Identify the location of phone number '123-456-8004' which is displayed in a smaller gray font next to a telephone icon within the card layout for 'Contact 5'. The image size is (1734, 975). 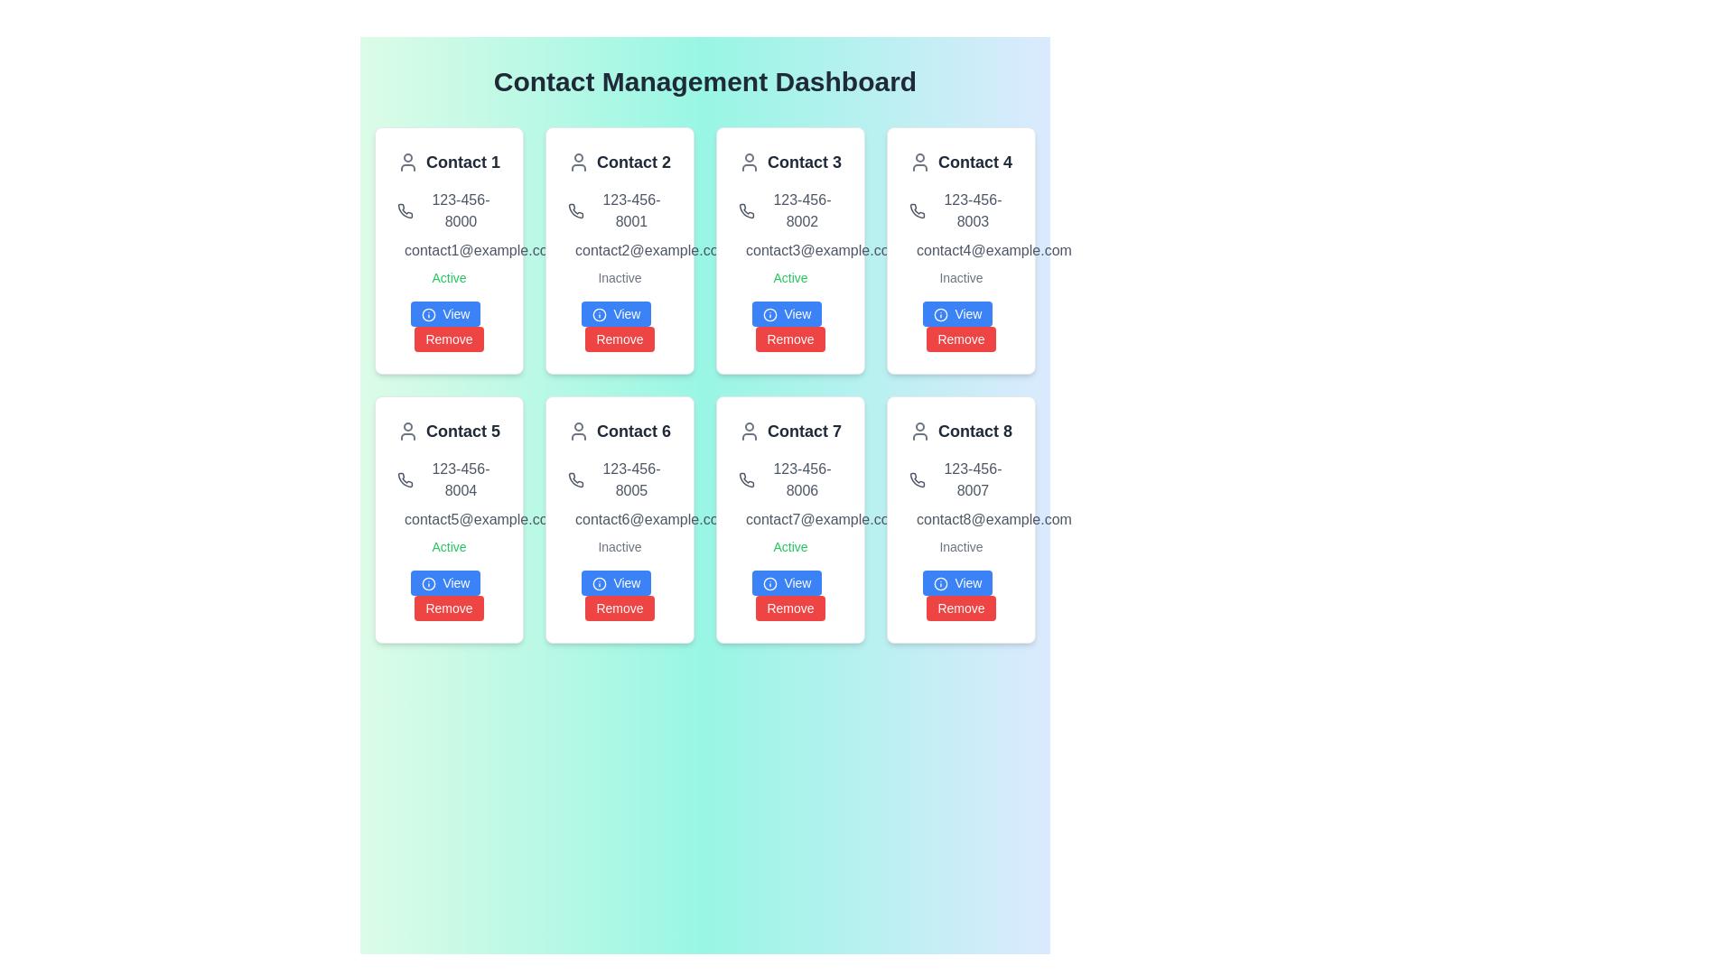
(449, 479).